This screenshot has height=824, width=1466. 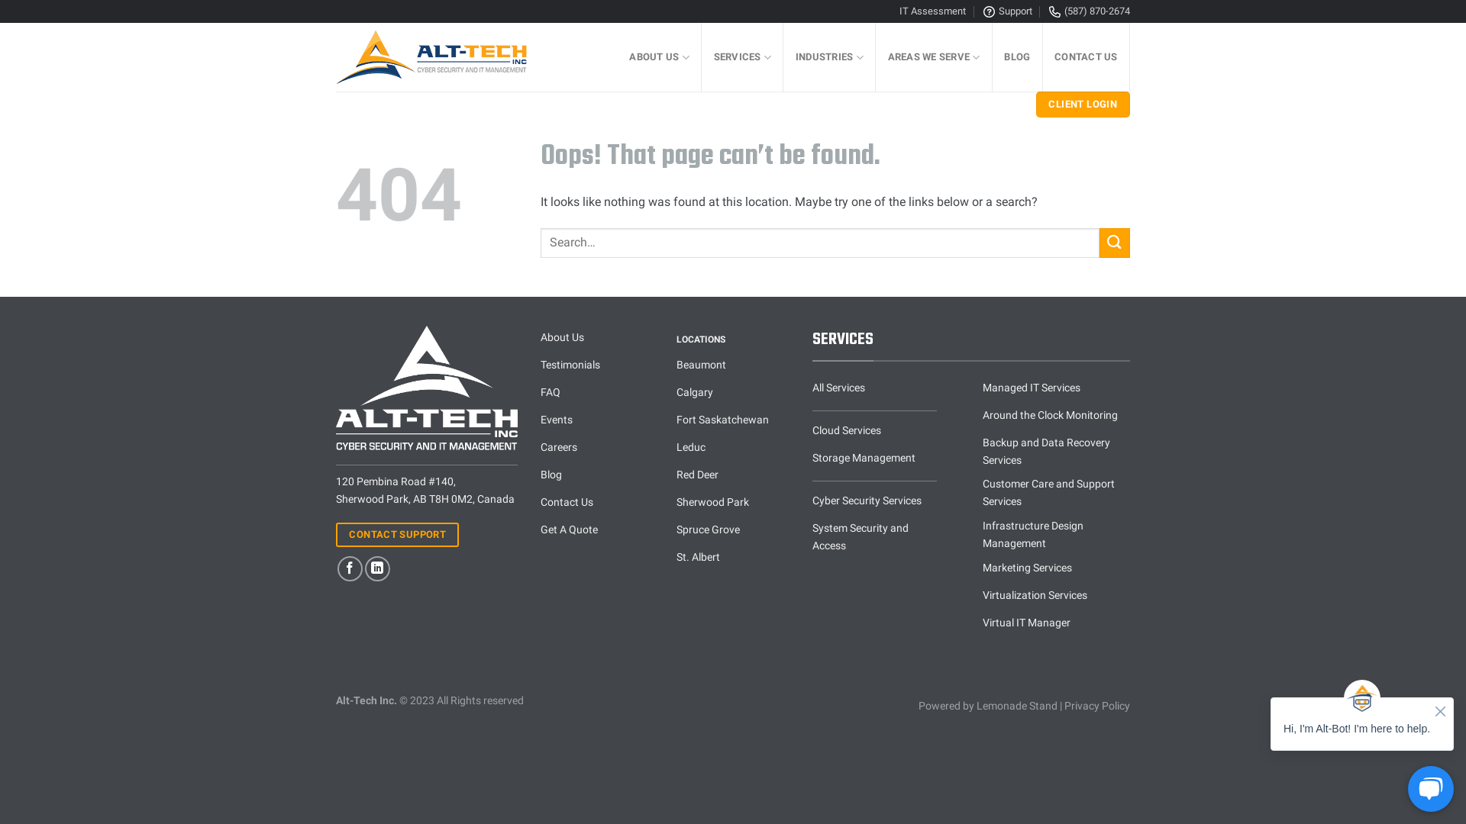 I want to click on 'SERVICES', so click(x=700, y=56).